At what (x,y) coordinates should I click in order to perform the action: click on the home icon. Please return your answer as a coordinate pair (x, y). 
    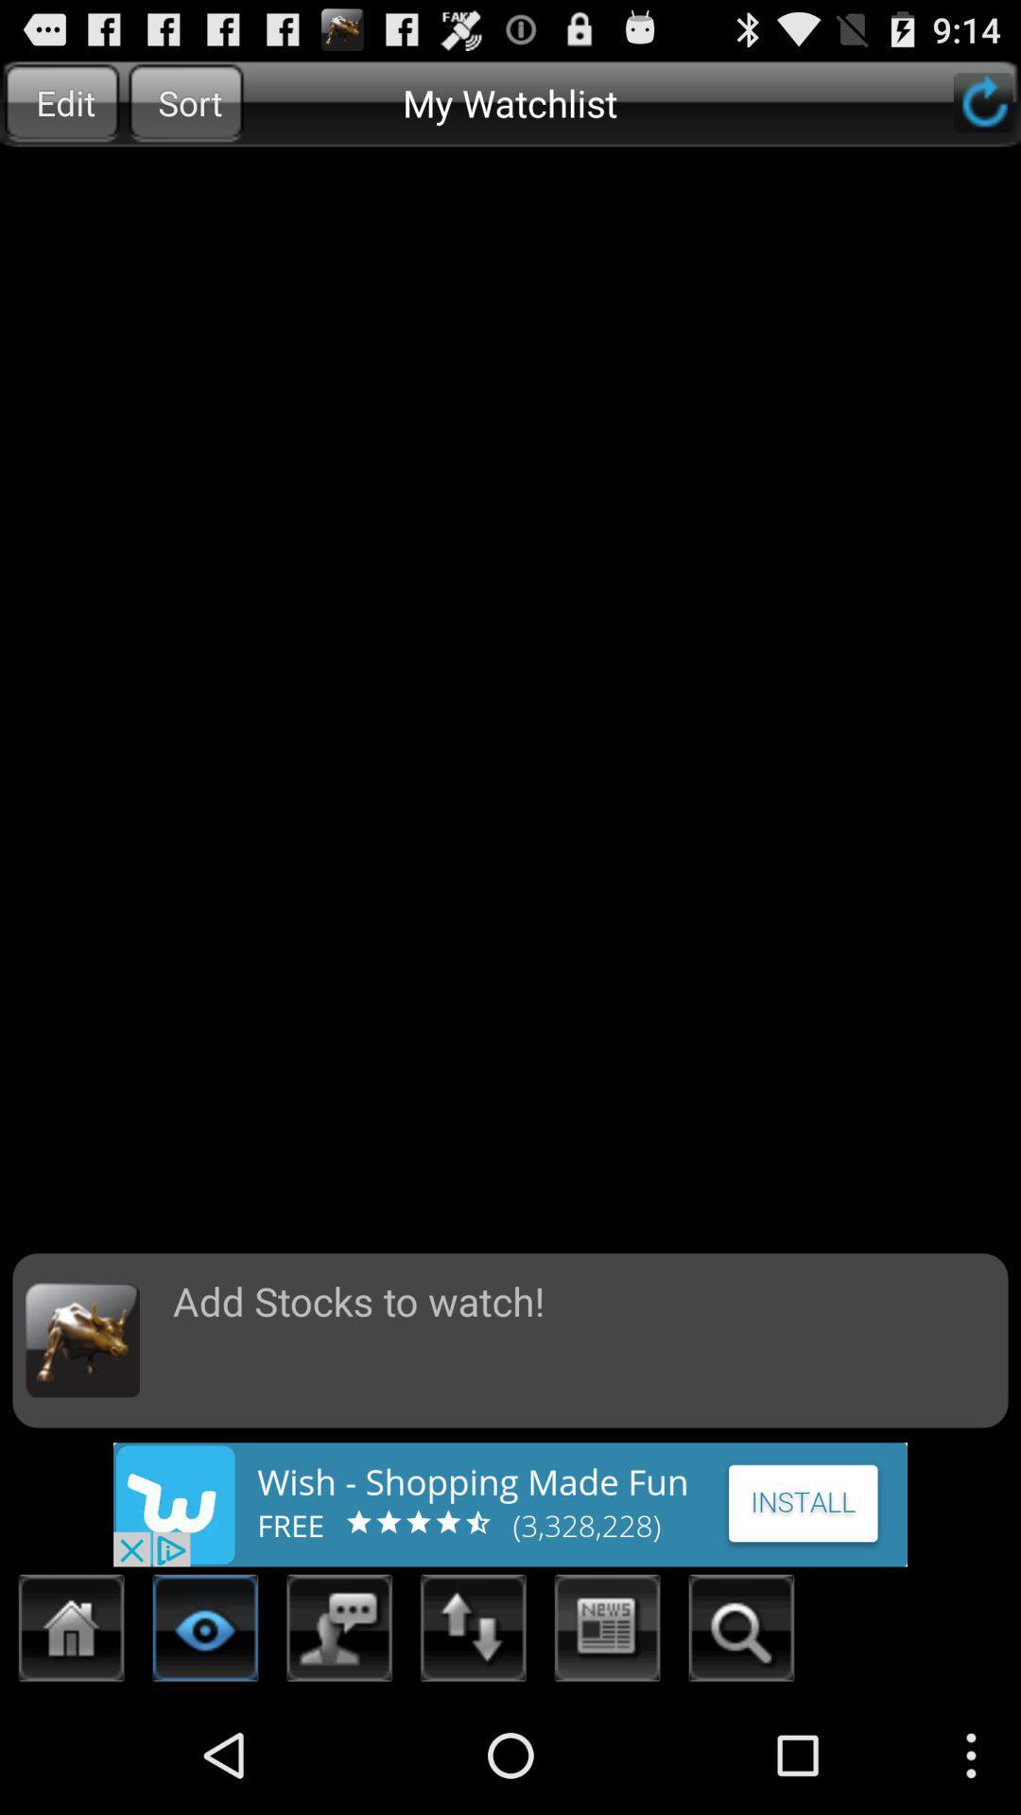
    Looking at the image, I should click on (71, 1747).